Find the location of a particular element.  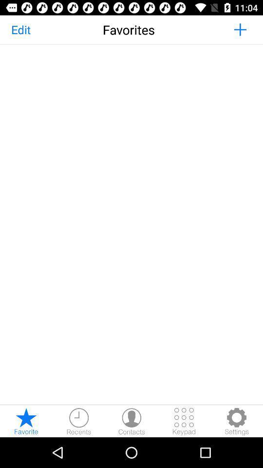

page is located at coordinates (26, 421).